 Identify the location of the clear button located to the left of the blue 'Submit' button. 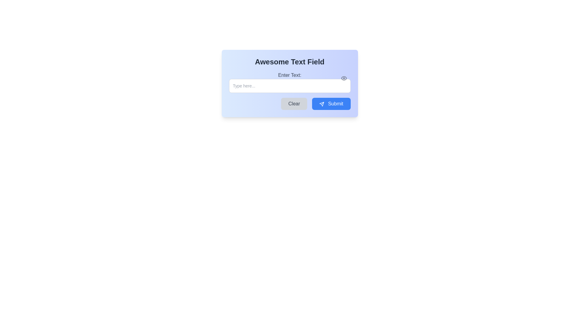
(294, 104).